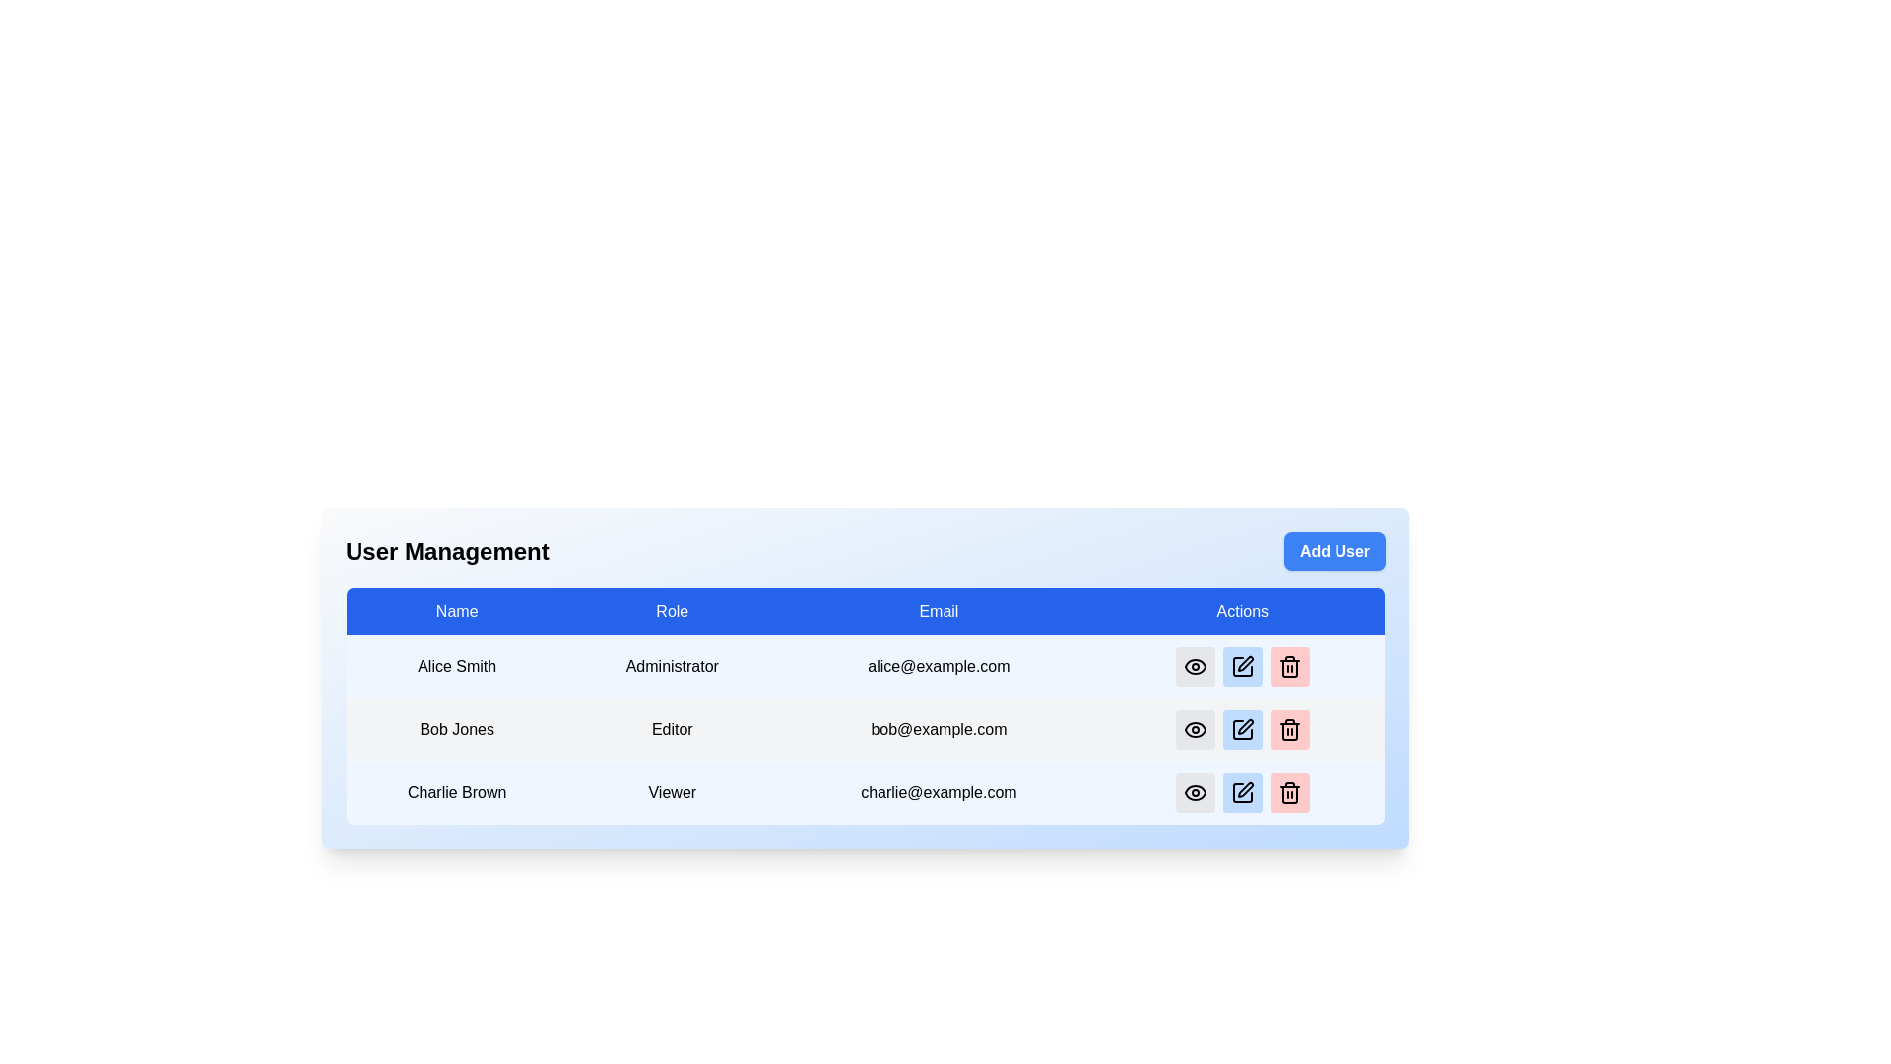 The height and width of the screenshot is (1064, 1891). Describe the element at coordinates (1241, 792) in the screenshot. I see `the edit icon button in the Actions column for the user Charlie Brown to initiate editing of the associated entity` at that location.